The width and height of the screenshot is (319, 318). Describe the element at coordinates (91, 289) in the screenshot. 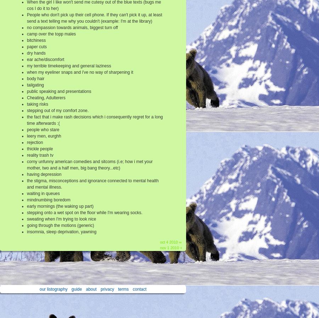

I see `'about'` at that location.